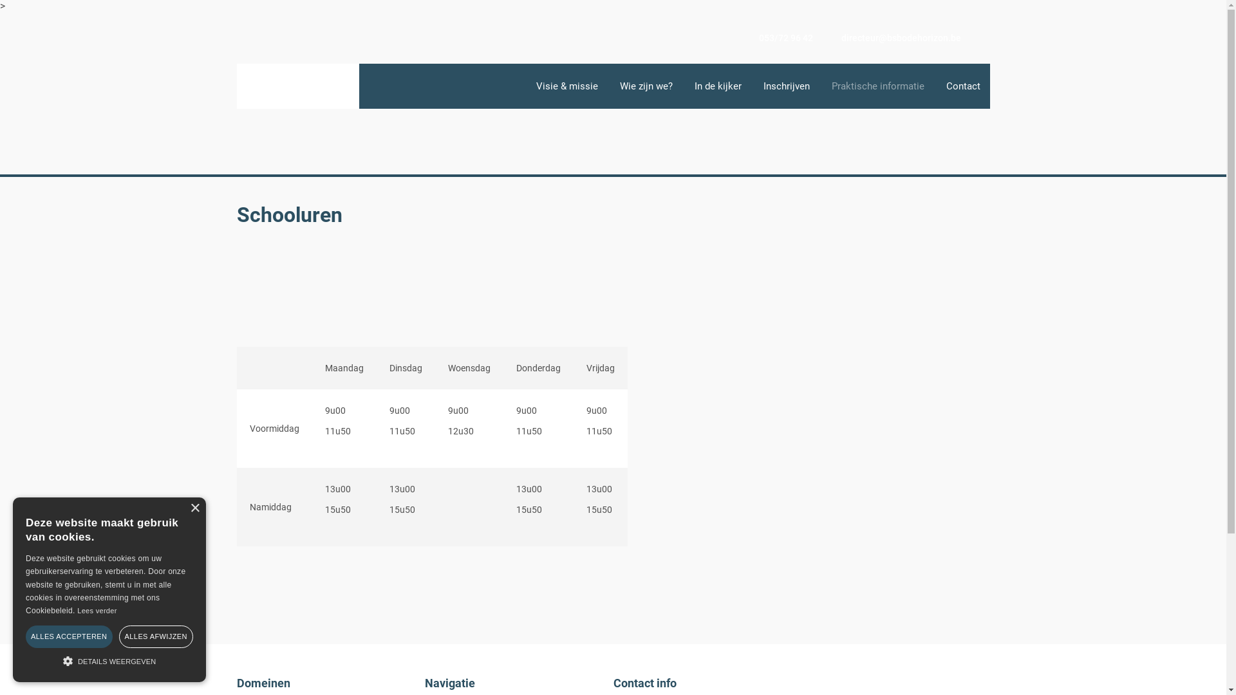  Describe the element at coordinates (237, 69) in the screenshot. I see `'Home'` at that location.